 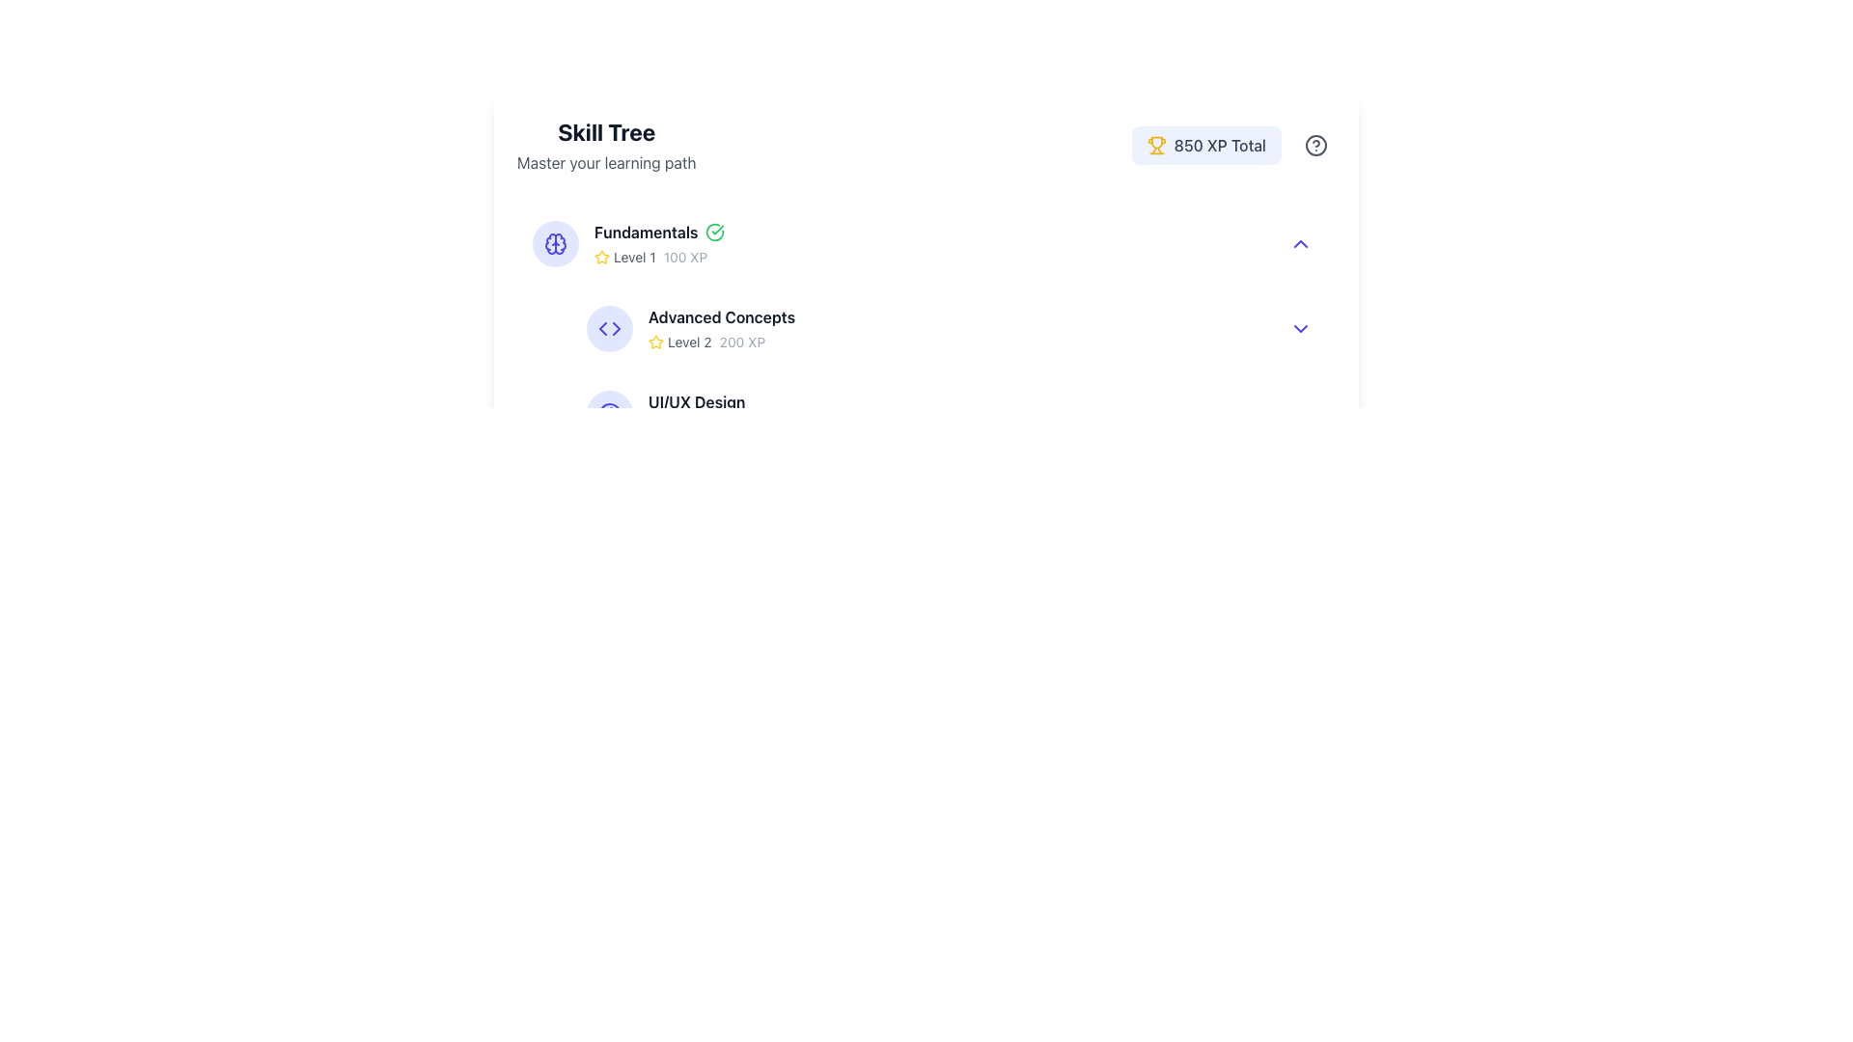 What do you see at coordinates (721, 315) in the screenshot?
I see `the 'Advanced Concepts' text label, which is the second item under the 'Skill Tree' section, located between 'Fundamentals' and 'UI/UX Design'` at bounding box center [721, 315].